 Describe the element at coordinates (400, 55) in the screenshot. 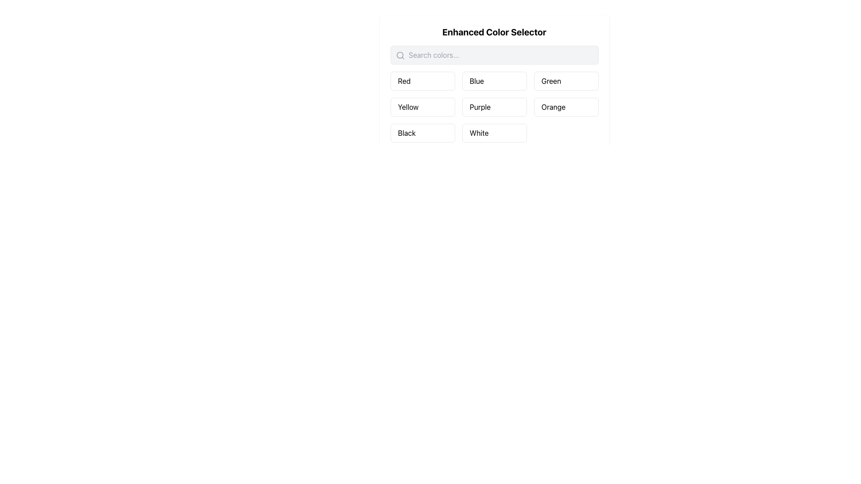

I see `the magnifying glass icon representing the search functionality, located inside the search input field on the left side` at that location.